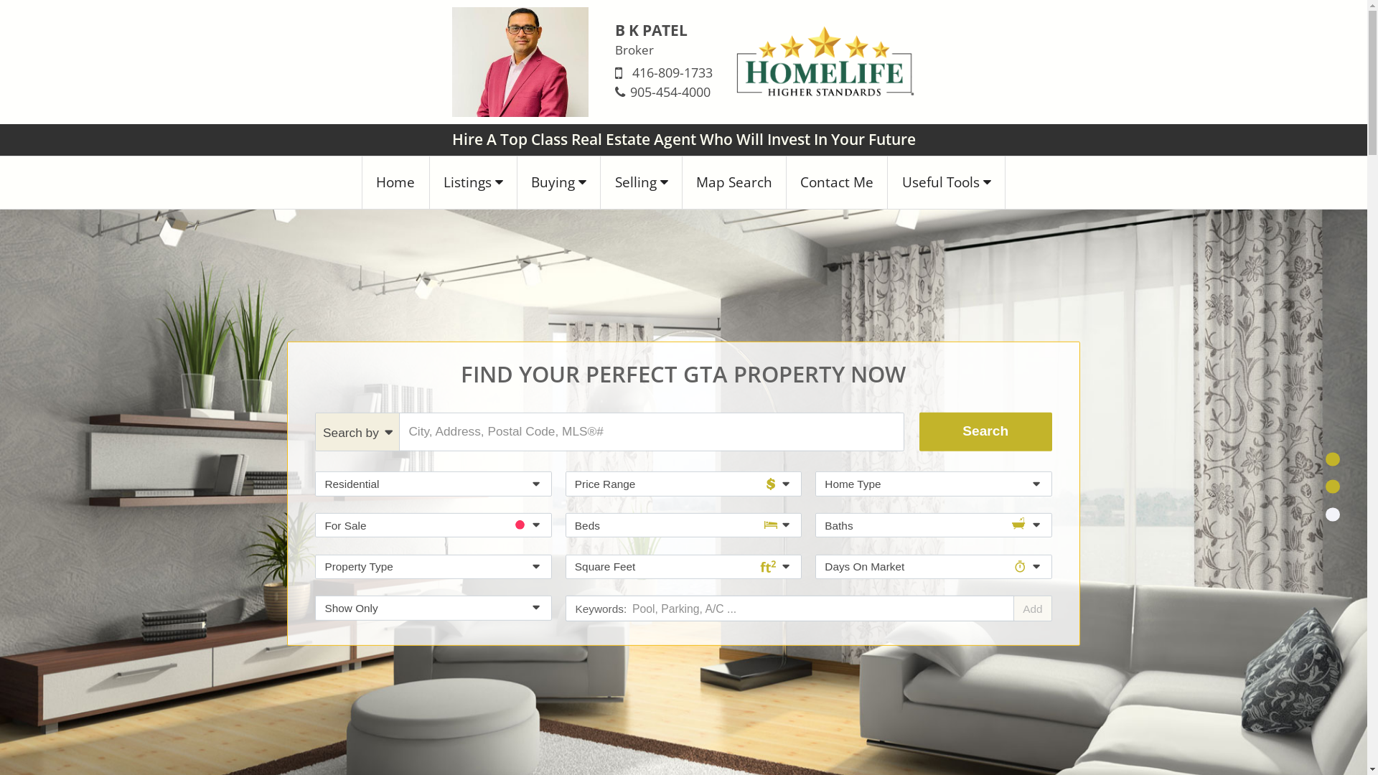 The height and width of the screenshot is (775, 1378). I want to click on 'Residential', so click(432, 484).